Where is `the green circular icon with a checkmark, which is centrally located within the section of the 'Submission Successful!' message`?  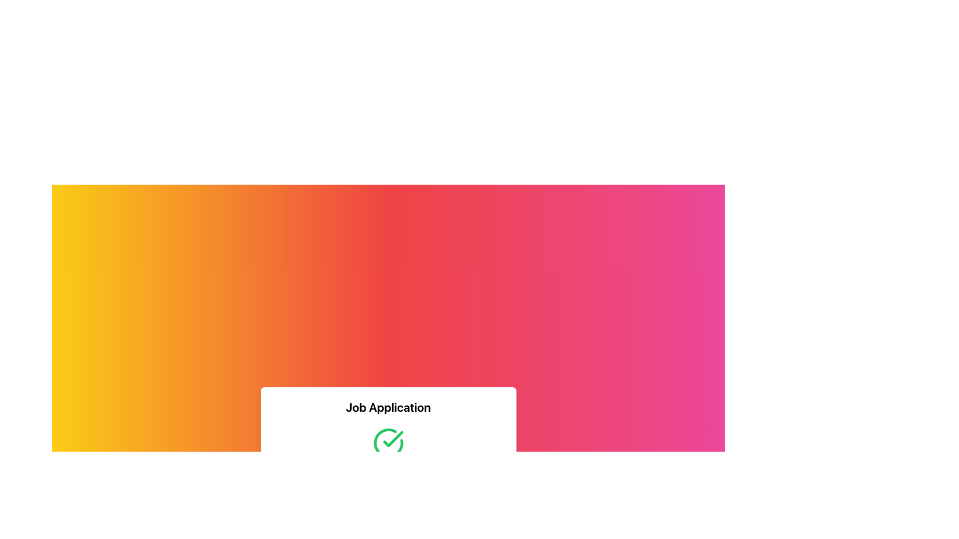
the green circular icon with a checkmark, which is centrally located within the section of the 'Submission Successful!' message is located at coordinates (388, 442).